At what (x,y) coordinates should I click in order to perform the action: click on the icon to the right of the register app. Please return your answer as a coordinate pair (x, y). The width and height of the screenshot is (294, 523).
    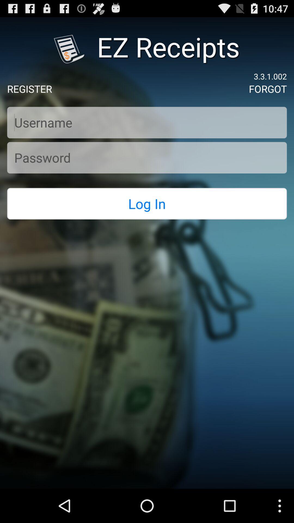
    Looking at the image, I should click on (267, 89).